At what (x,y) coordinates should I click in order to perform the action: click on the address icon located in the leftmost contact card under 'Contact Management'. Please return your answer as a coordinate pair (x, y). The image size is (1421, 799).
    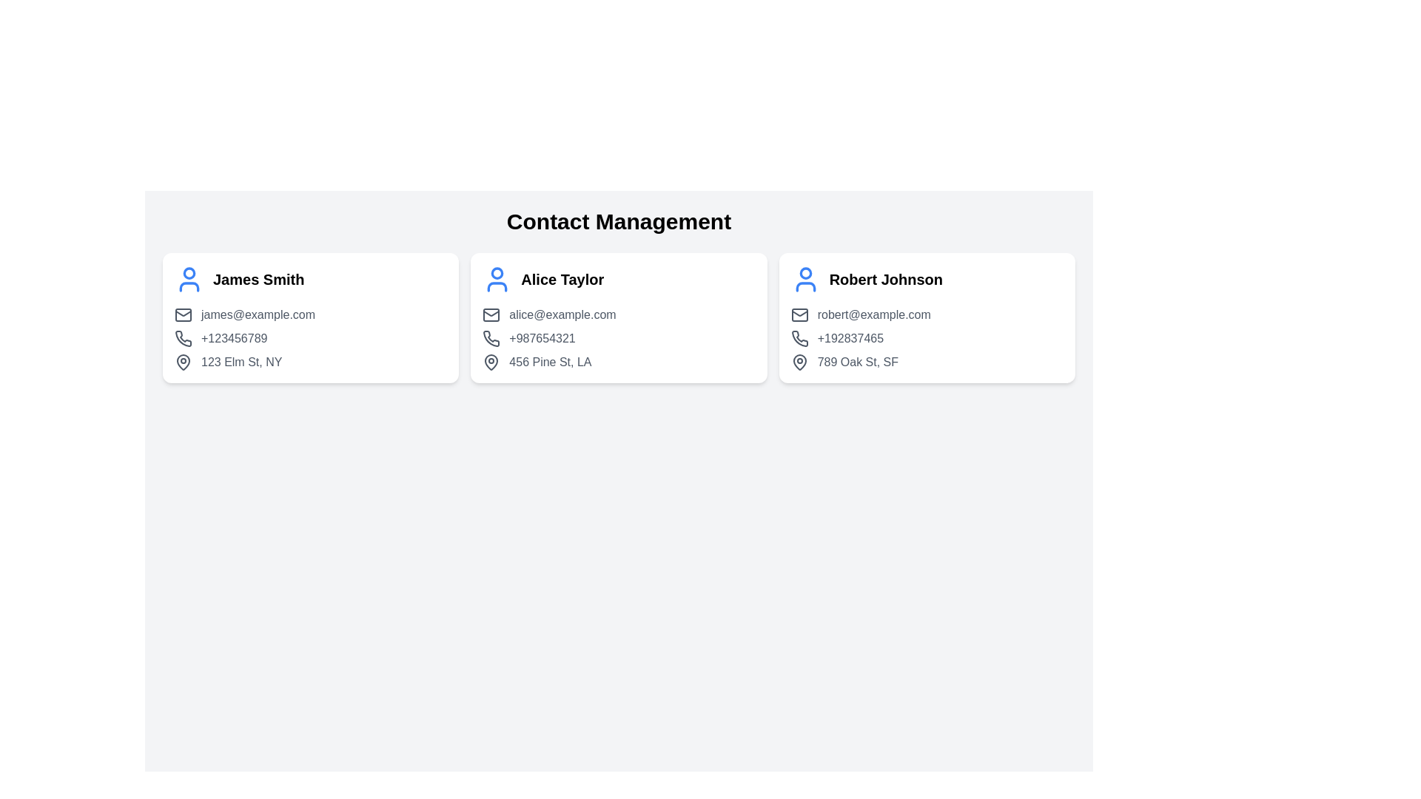
    Looking at the image, I should click on (183, 362).